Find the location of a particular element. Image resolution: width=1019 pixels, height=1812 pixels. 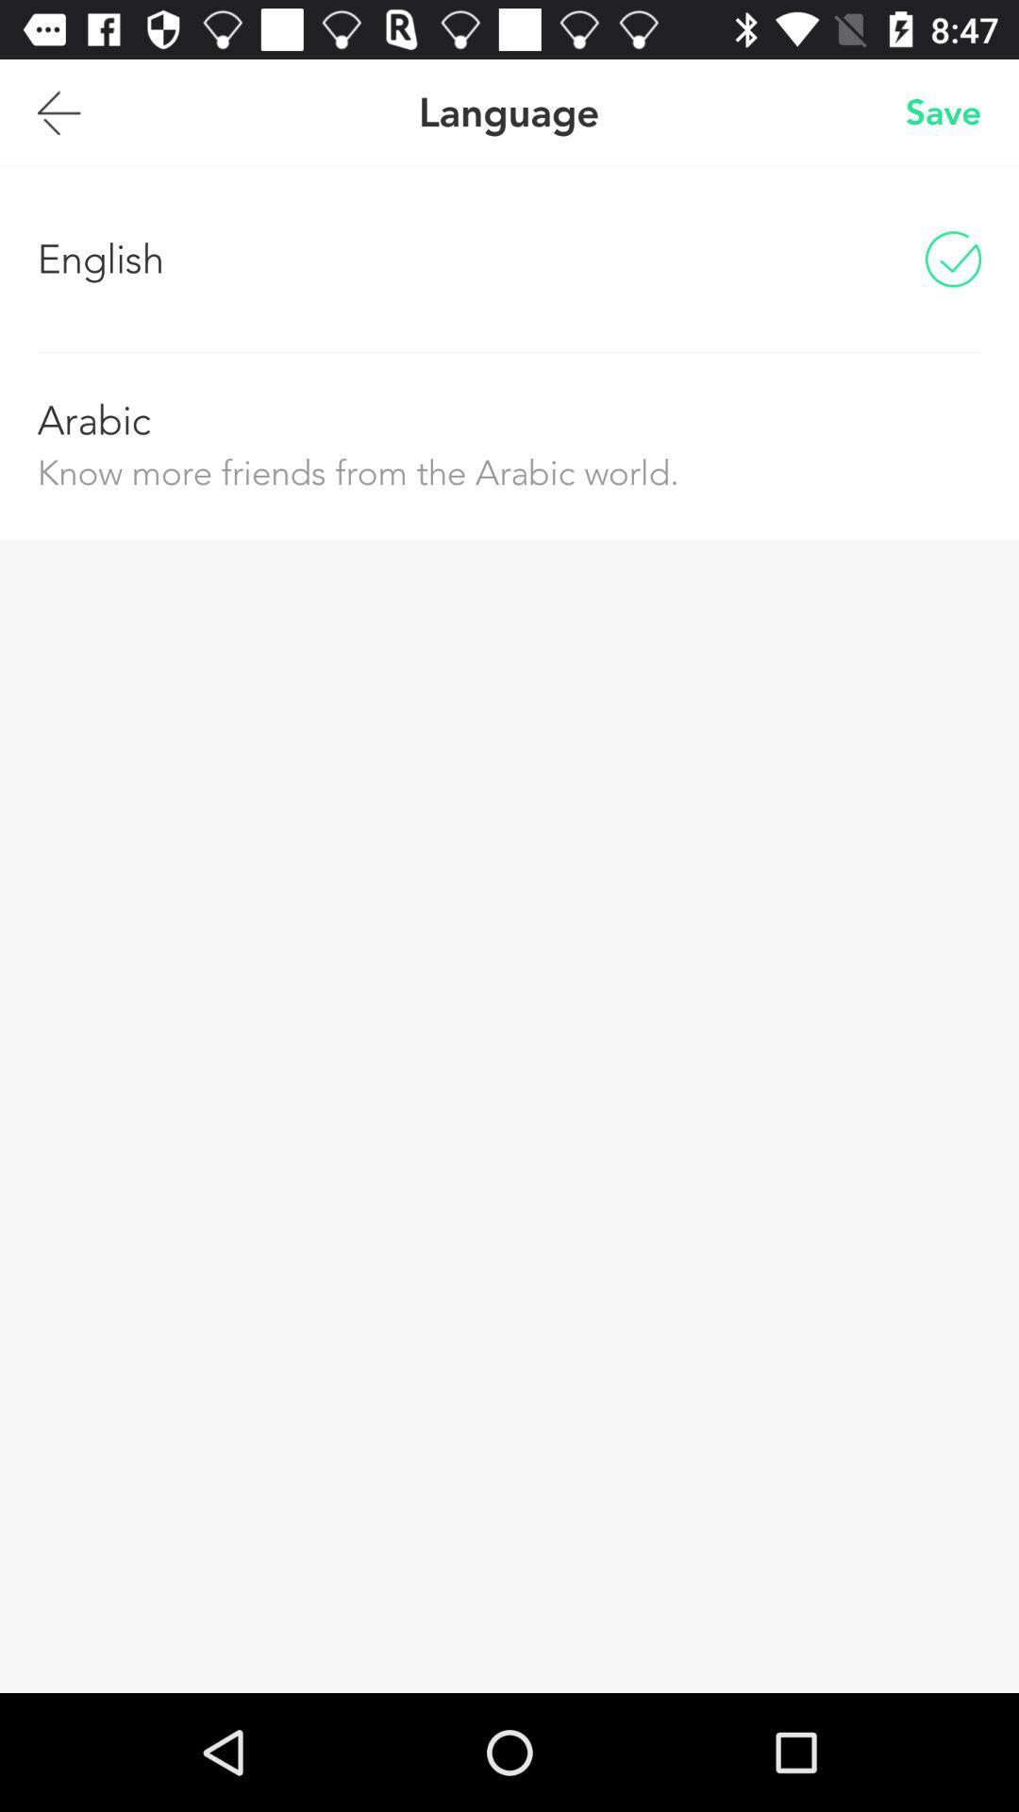

icon next to the language item is located at coordinates (58, 111).